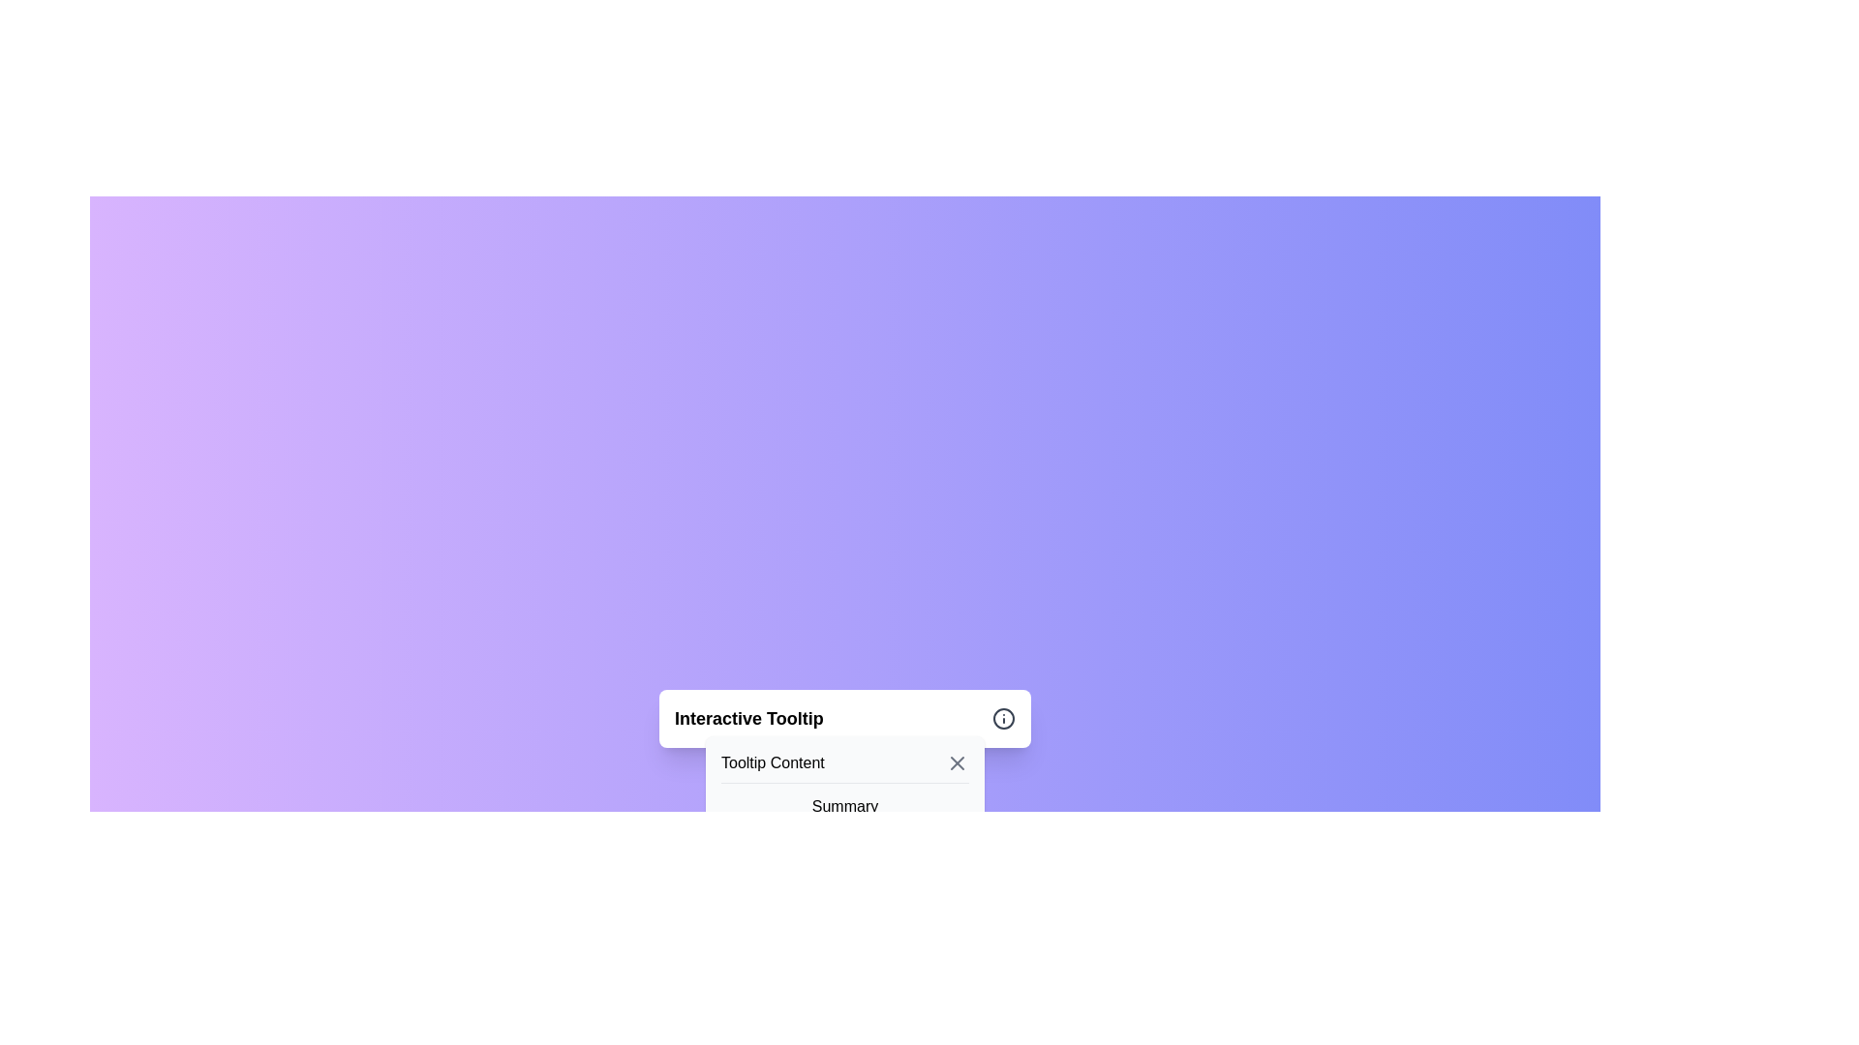 This screenshot has height=1045, width=1859. What do you see at coordinates (772, 762) in the screenshot?
I see `the text label displaying 'Tooltip Content', which is positioned on the left-hand side of the interactive tooltip's content area, above the 'Summary' text` at bounding box center [772, 762].